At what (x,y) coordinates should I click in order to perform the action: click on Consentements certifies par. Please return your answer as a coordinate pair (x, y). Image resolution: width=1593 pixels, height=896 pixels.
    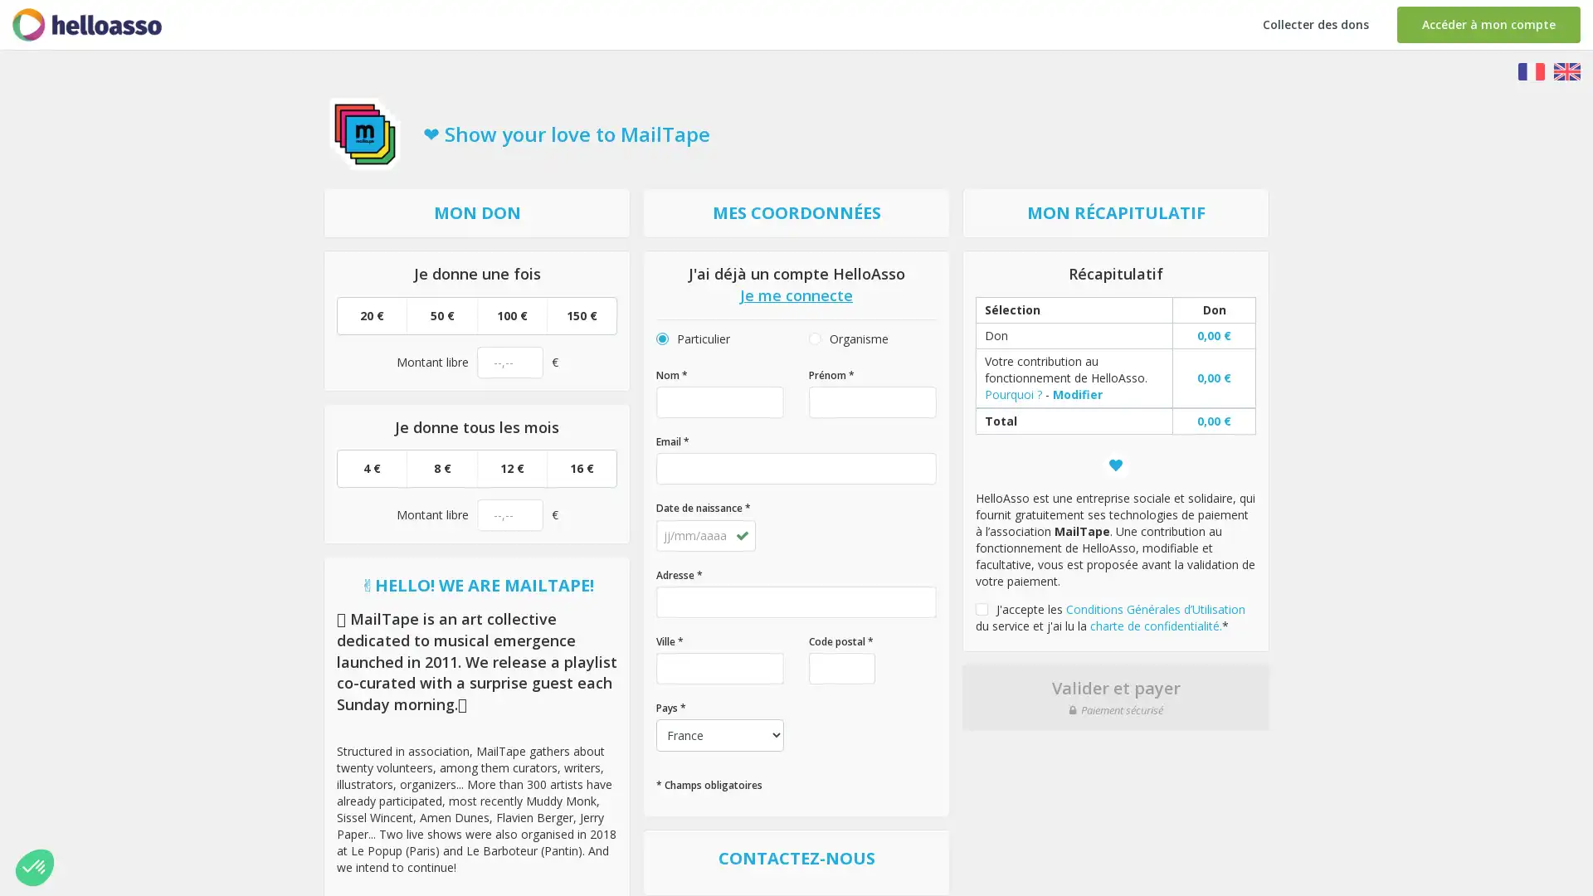
    Looking at the image, I should click on (190, 783).